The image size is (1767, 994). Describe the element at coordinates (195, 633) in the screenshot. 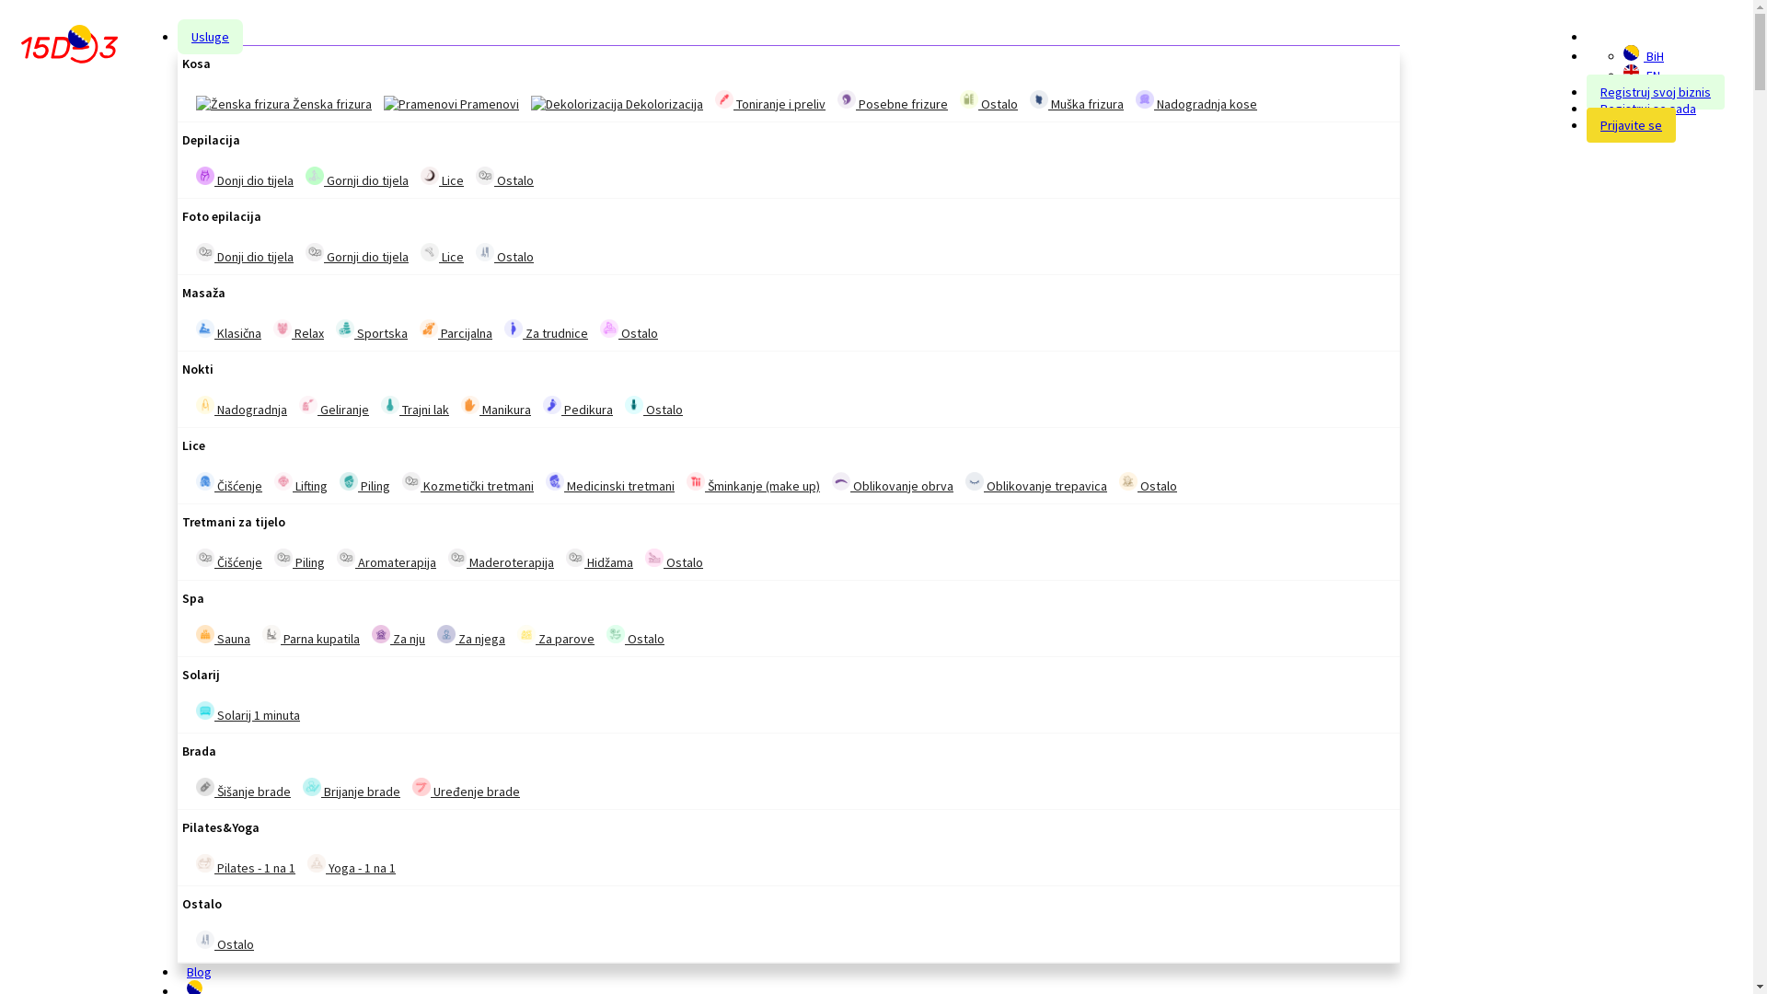

I see `'Sauna'` at that location.